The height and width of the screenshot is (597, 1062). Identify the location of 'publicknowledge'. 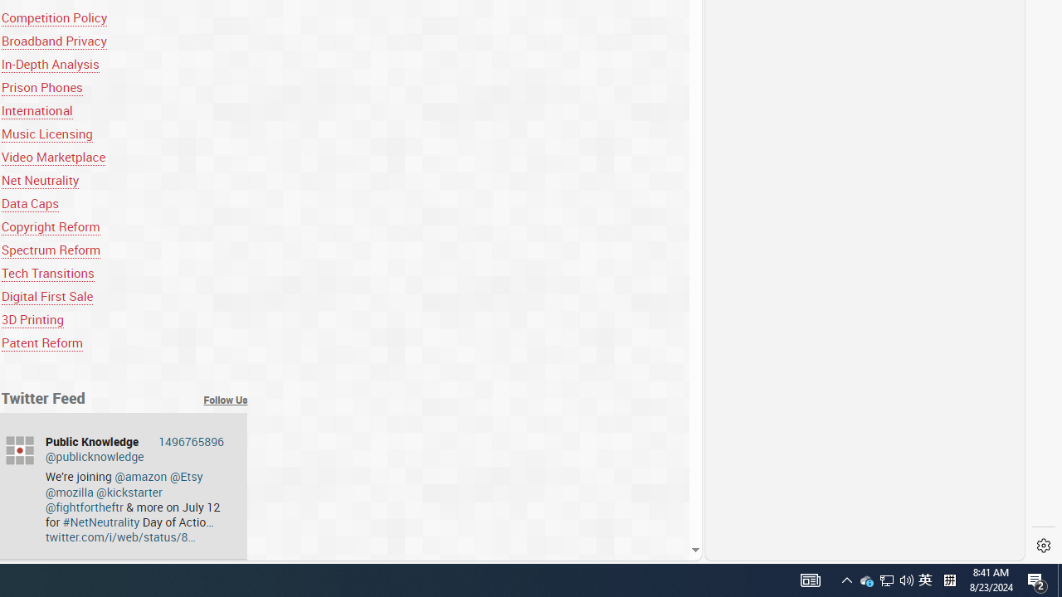
(20, 450).